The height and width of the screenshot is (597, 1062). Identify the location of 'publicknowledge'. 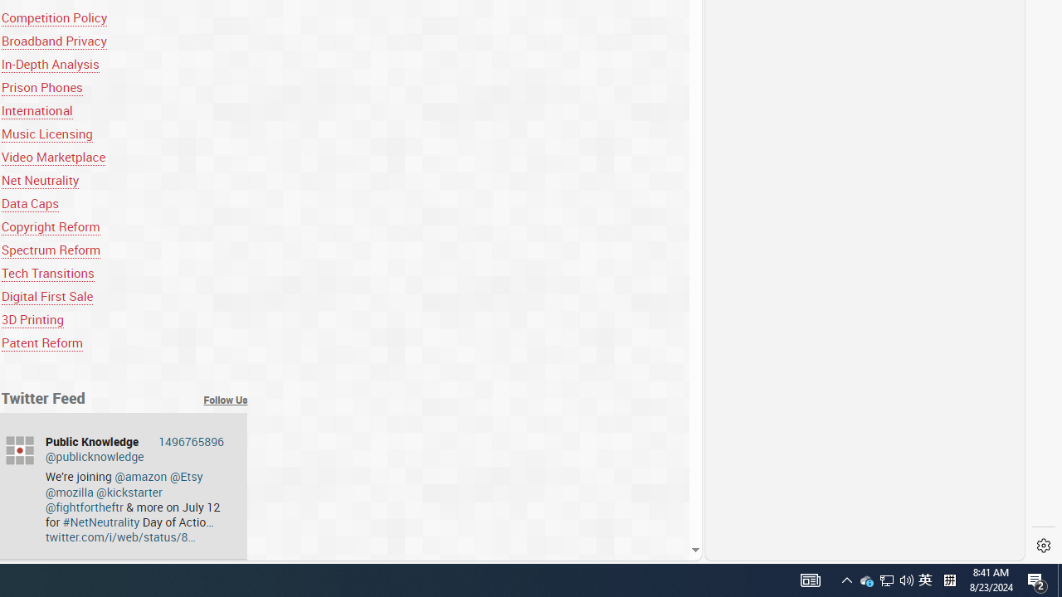
(20, 450).